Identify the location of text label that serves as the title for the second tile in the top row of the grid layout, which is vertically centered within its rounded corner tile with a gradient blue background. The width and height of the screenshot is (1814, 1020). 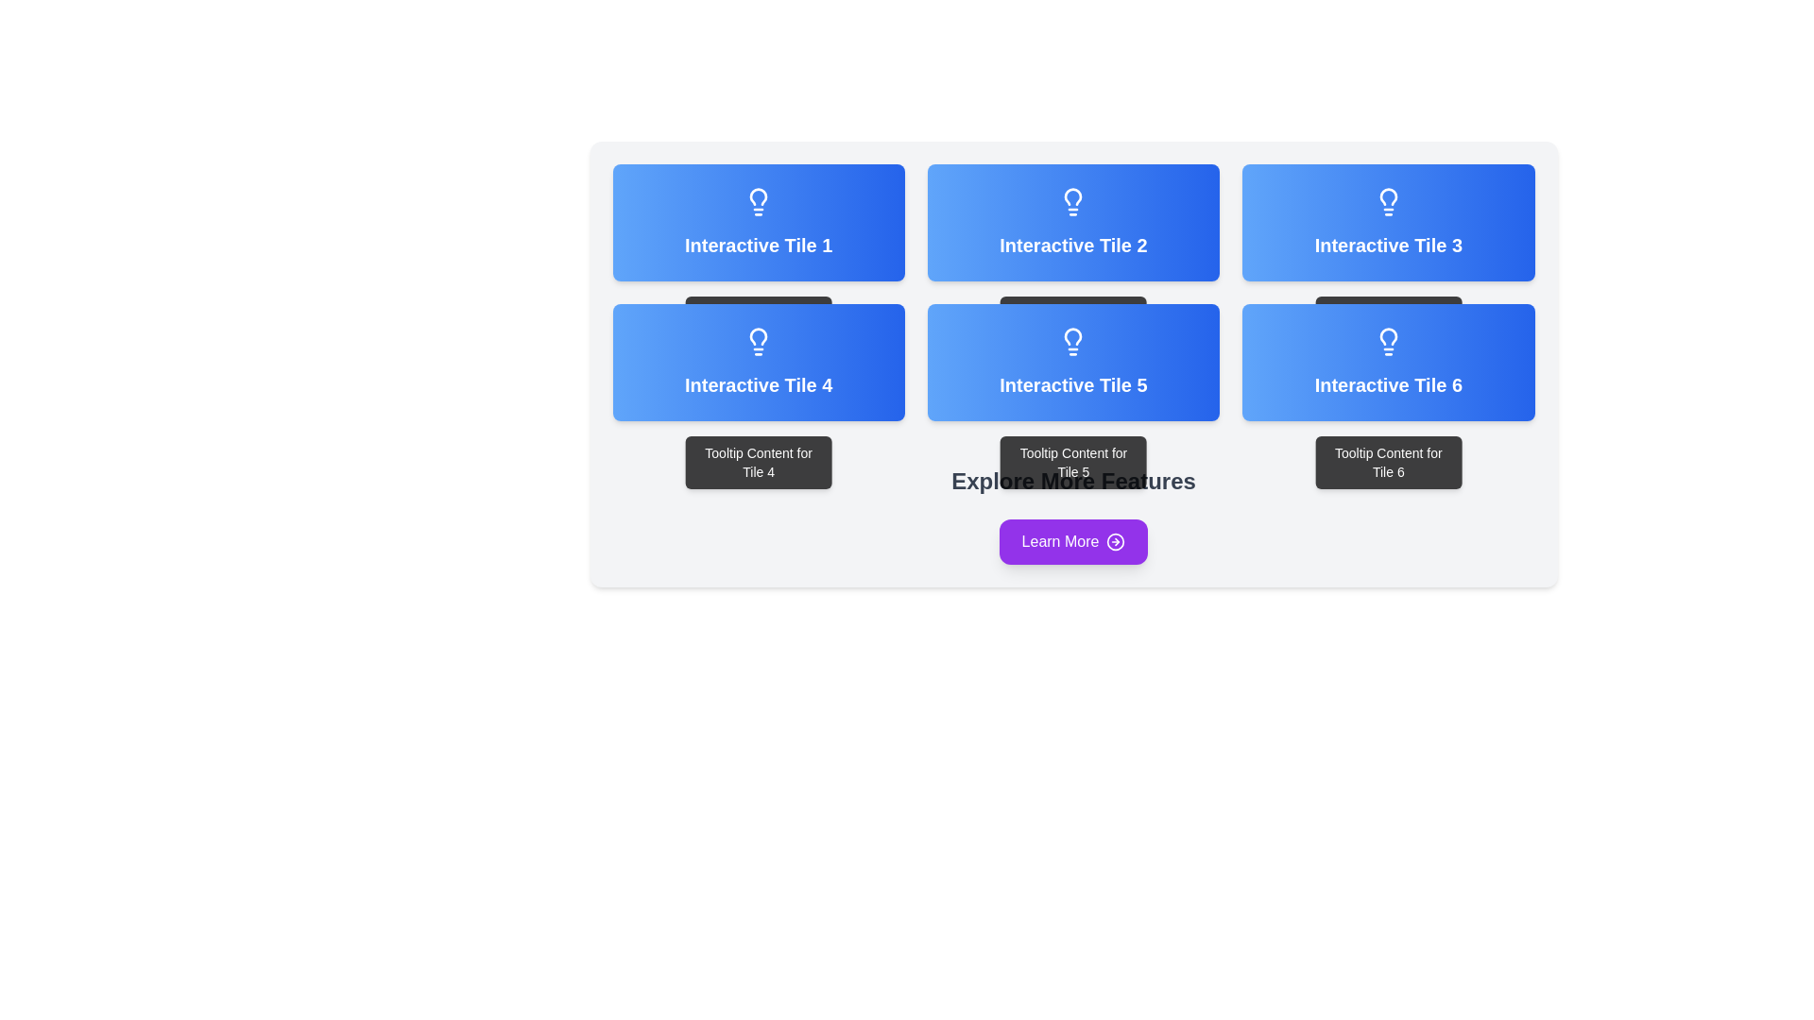
(1073, 244).